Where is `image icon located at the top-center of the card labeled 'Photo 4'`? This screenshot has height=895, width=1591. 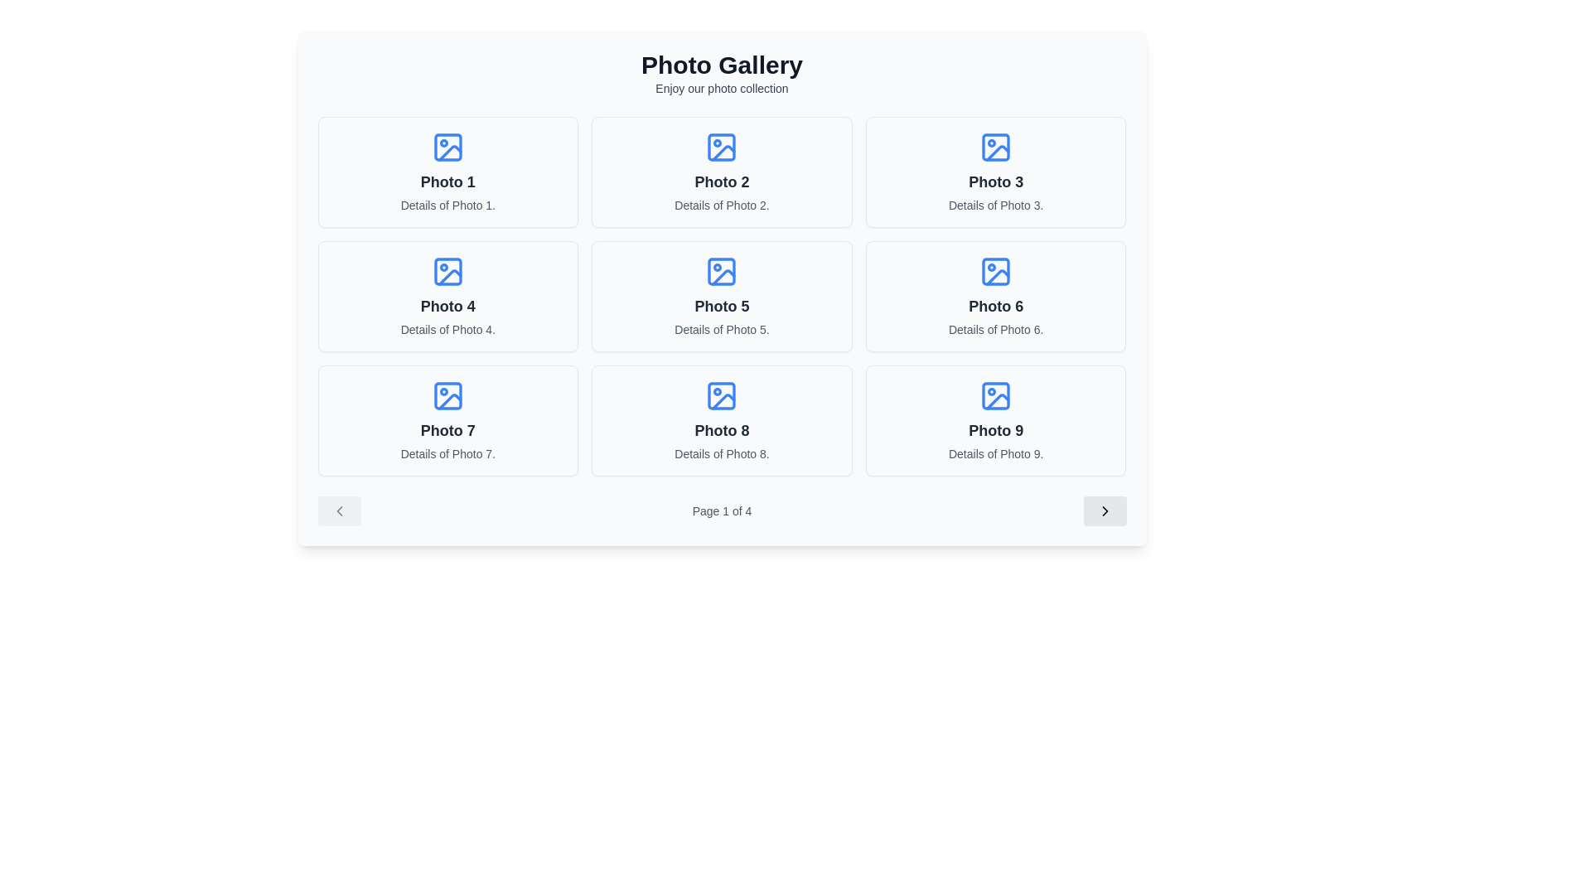
image icon located at the top-center of the card labeled 'Photo 4' is located at coordinates (447, 270).